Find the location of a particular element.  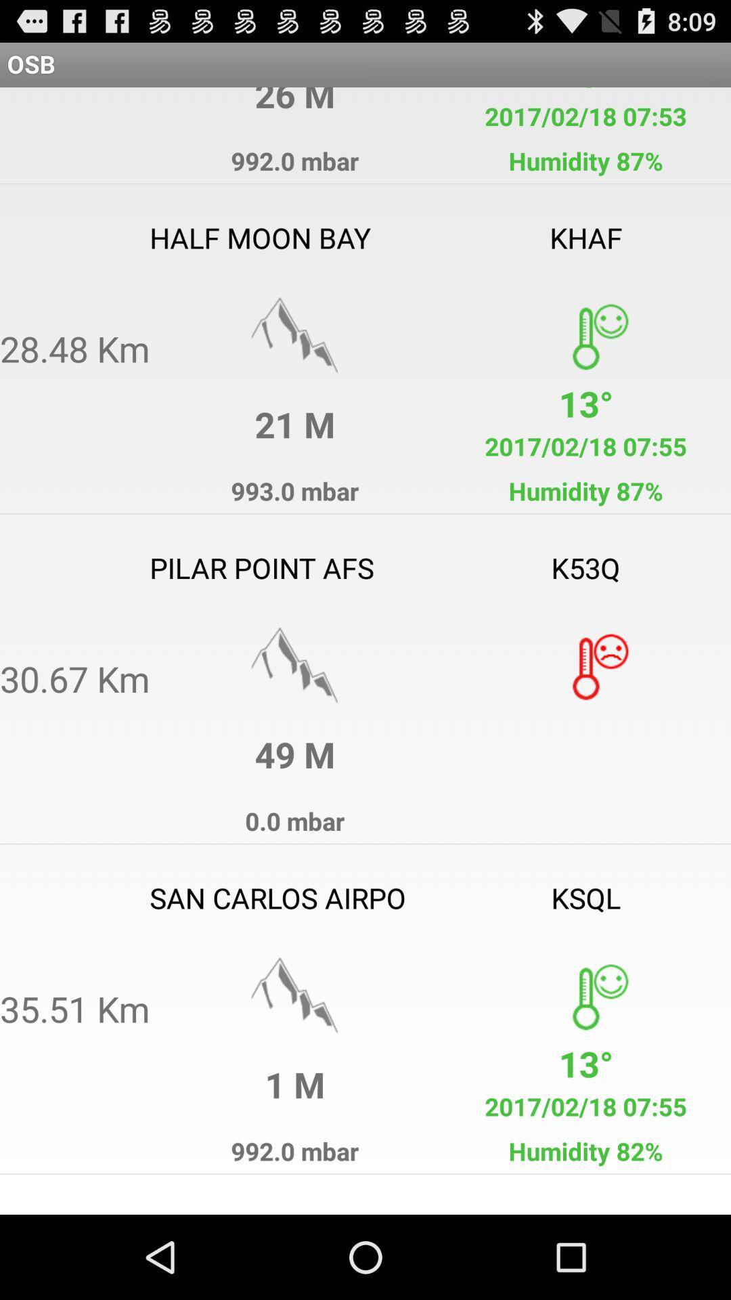

the icon which is in the red color is located at coordinates (584, 666).